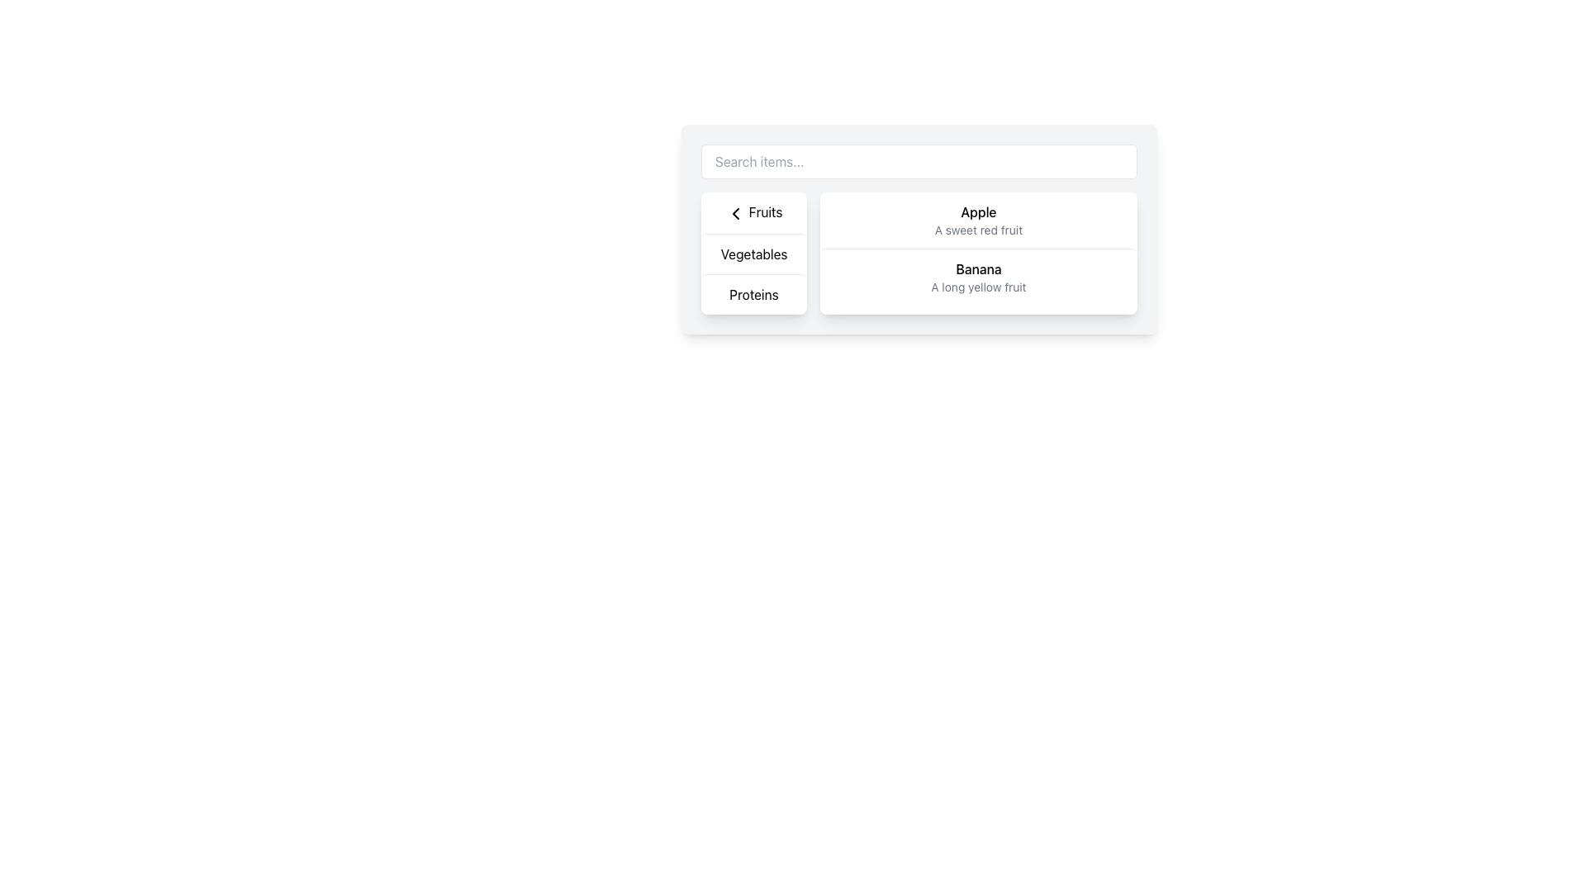 This screenshot has height=892, width=1586. What do you see at coordinates (753, 252) in the screenshot?
I see `the 'Vegetables' list item, which is a vertical list item with black text on a white background` at bounding box center [753, 252].